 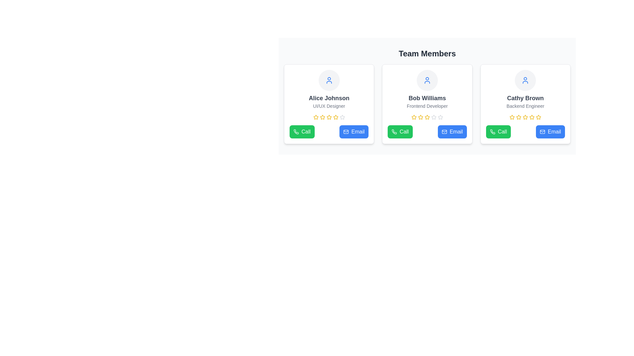 I want to click on the second star icon in the rating system associated with Bob Williams, Frontend Developer, so click(x=420, y=117).